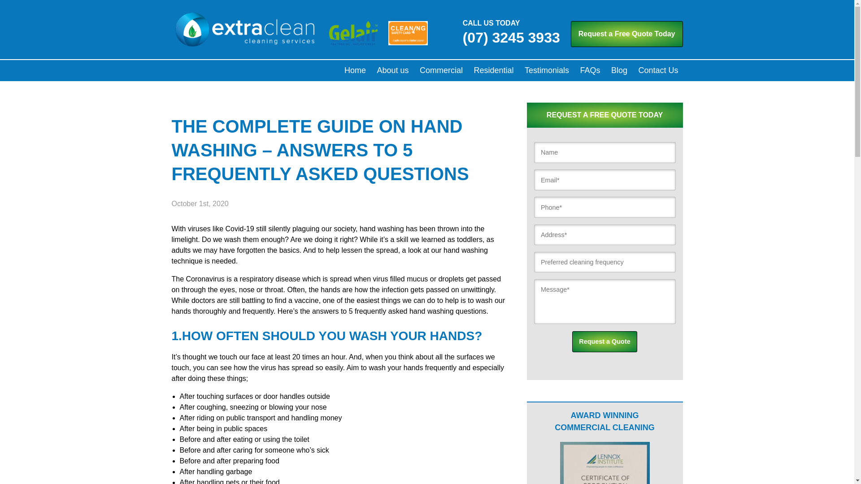 The height and width of the screenshot is (484, 861). I want to click on 'Request a Quote', so click(604, 341).